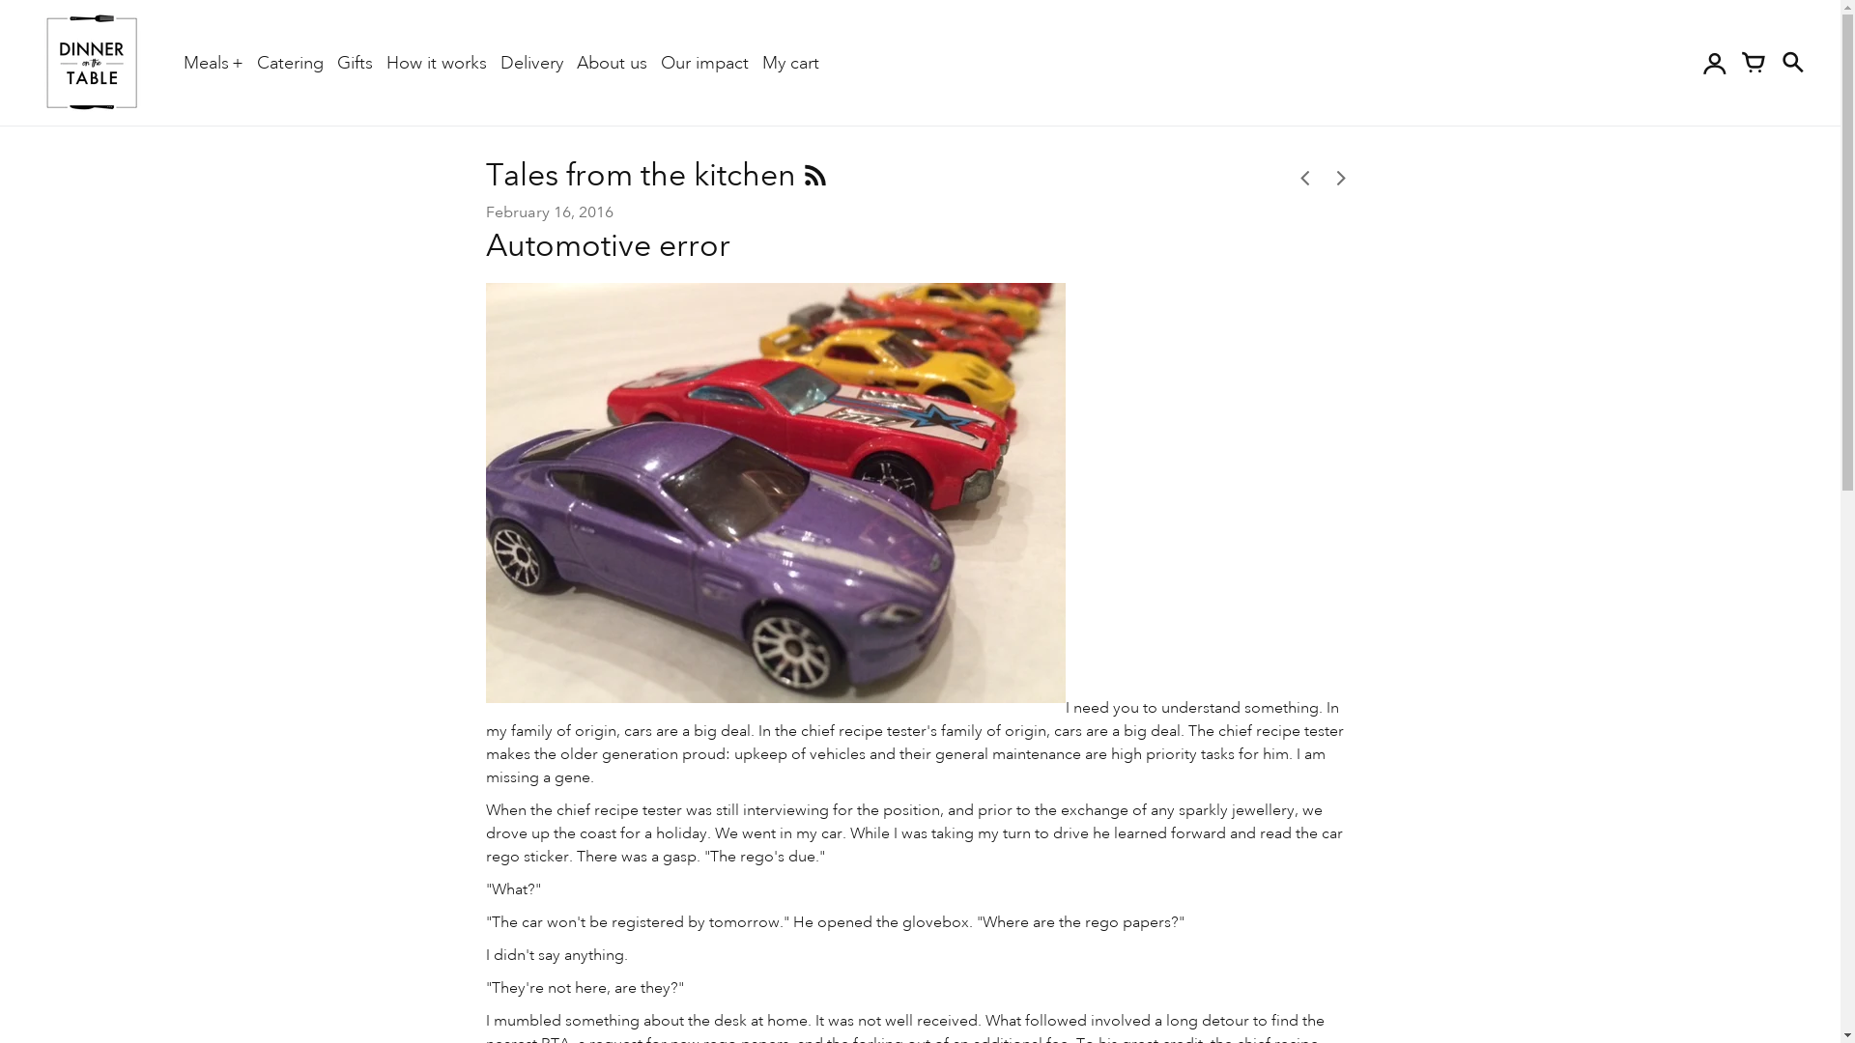  What do you see at coordinates (703, 61) in the screenshot?
I see `'Our impact'` at bounding box center [703, 61].